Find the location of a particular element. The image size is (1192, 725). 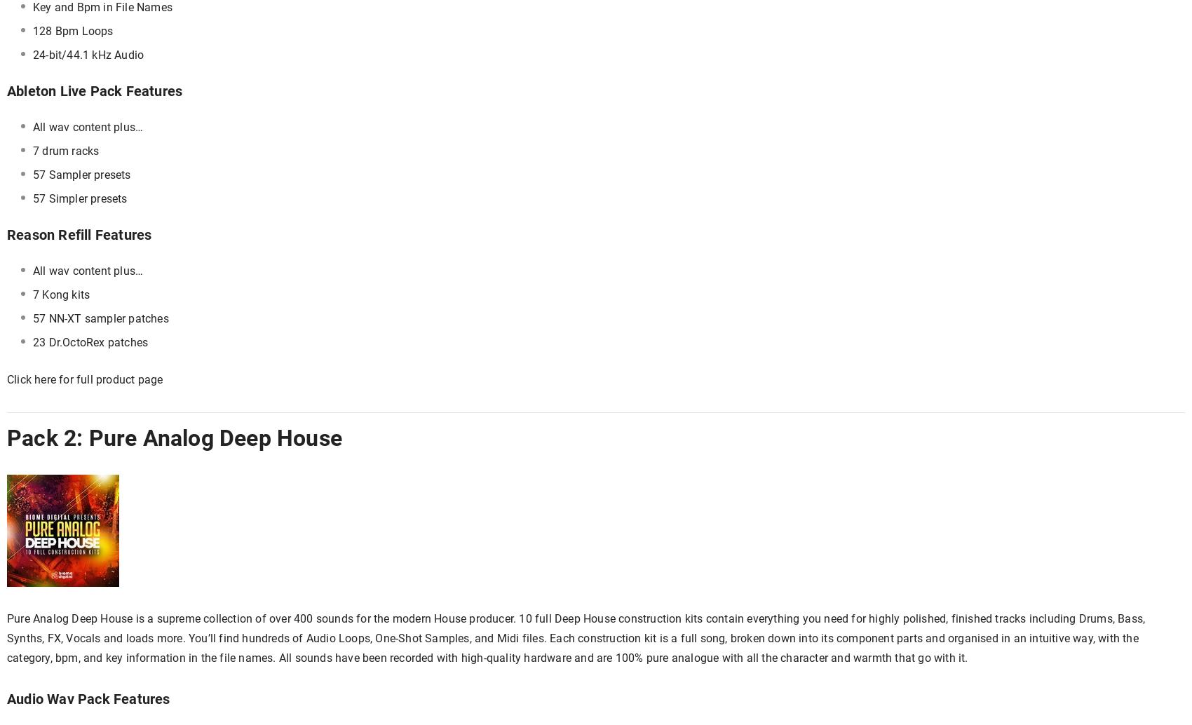

'57 NN-XT sampler patches' is located at coordinates (100, 318).